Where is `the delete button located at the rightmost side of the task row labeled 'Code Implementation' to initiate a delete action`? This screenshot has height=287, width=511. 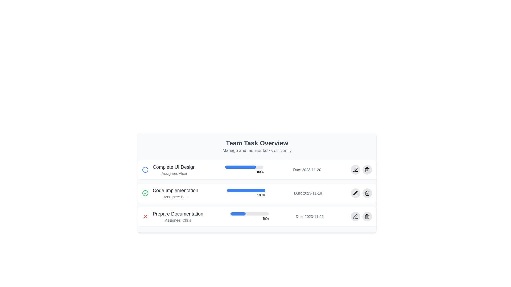
the delete button located at the rightmost side of the task row labeled 'Code Implementation' to initiate a delete action is located at coordinates (366, 193).